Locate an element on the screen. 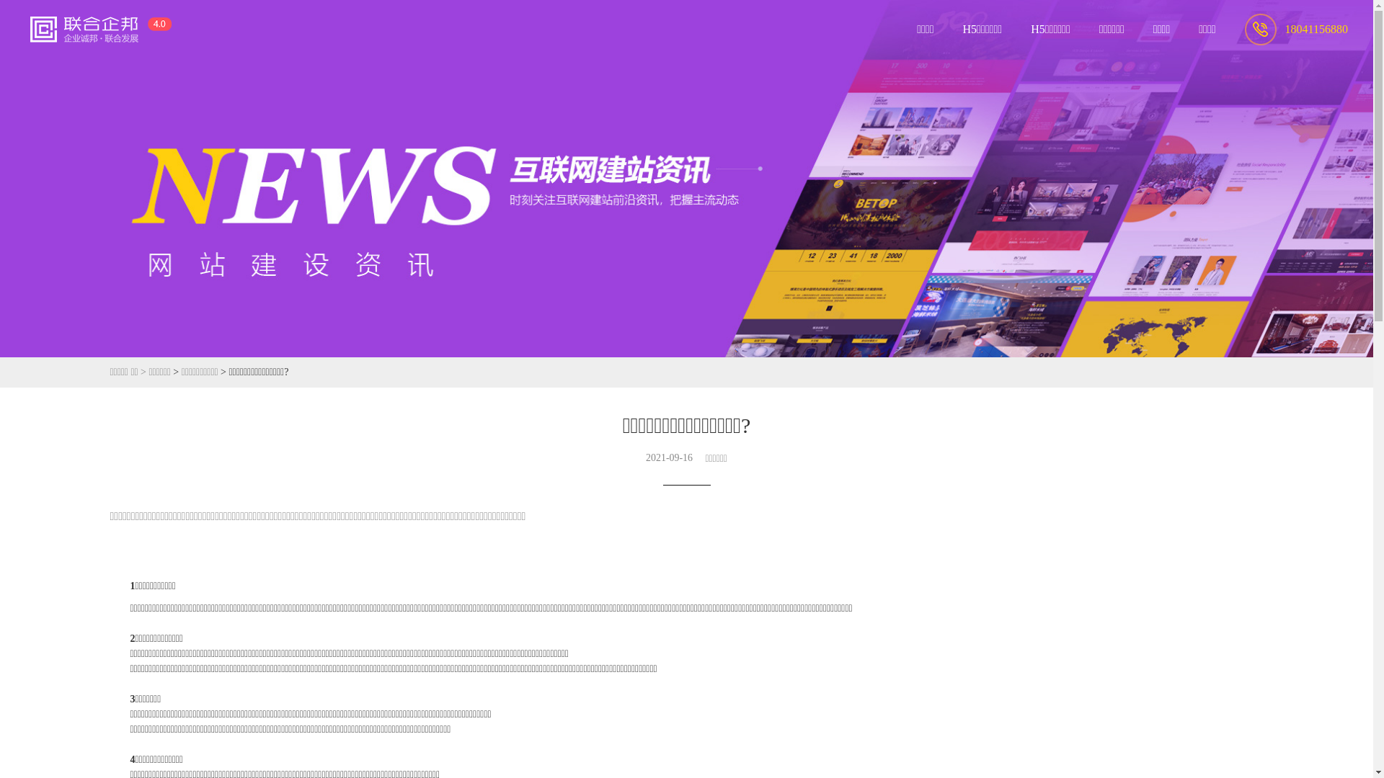  '18041156880' is located at coordinates (1296, 28).